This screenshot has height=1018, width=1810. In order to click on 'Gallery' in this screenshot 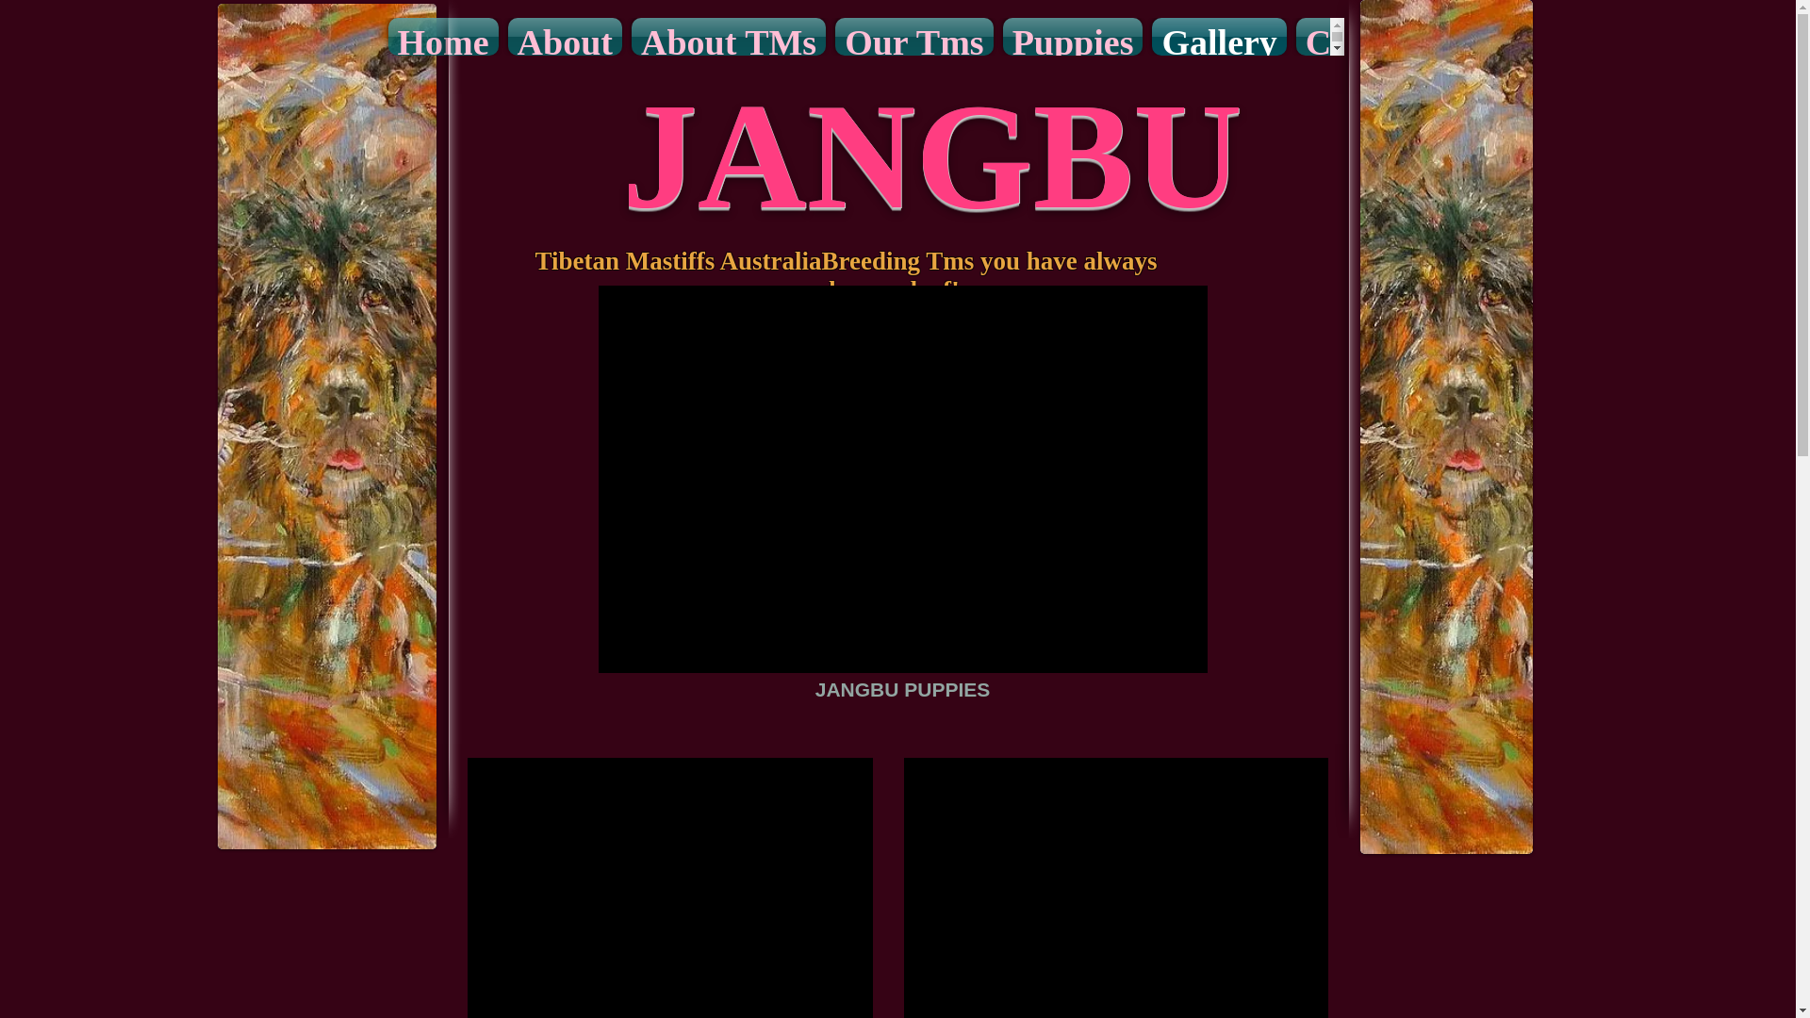, I will do `click(1218, 36)`.